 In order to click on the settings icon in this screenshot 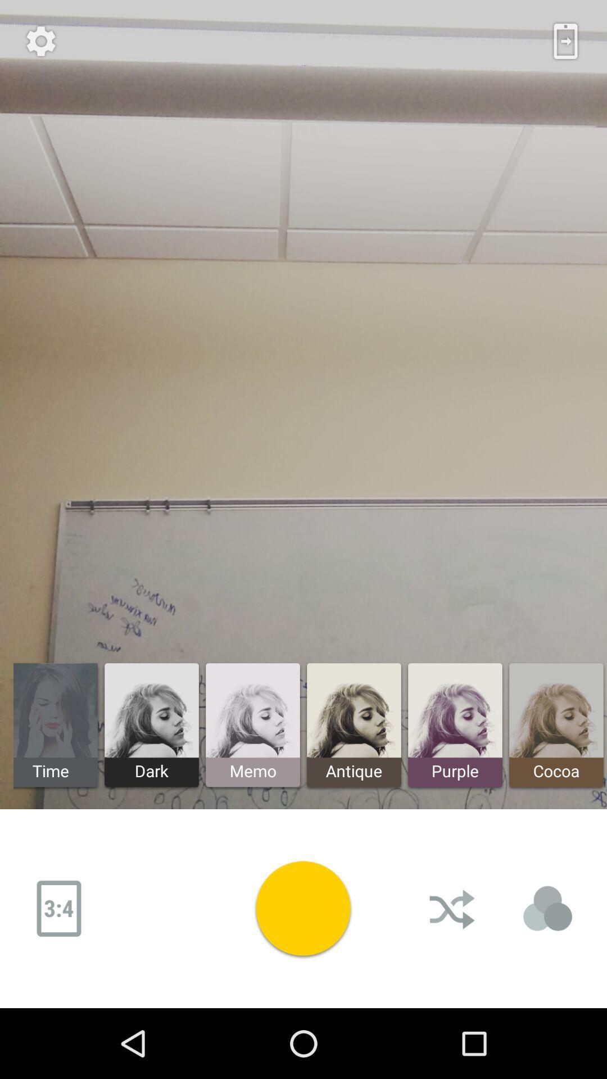, I will do `click(40, 41)`.